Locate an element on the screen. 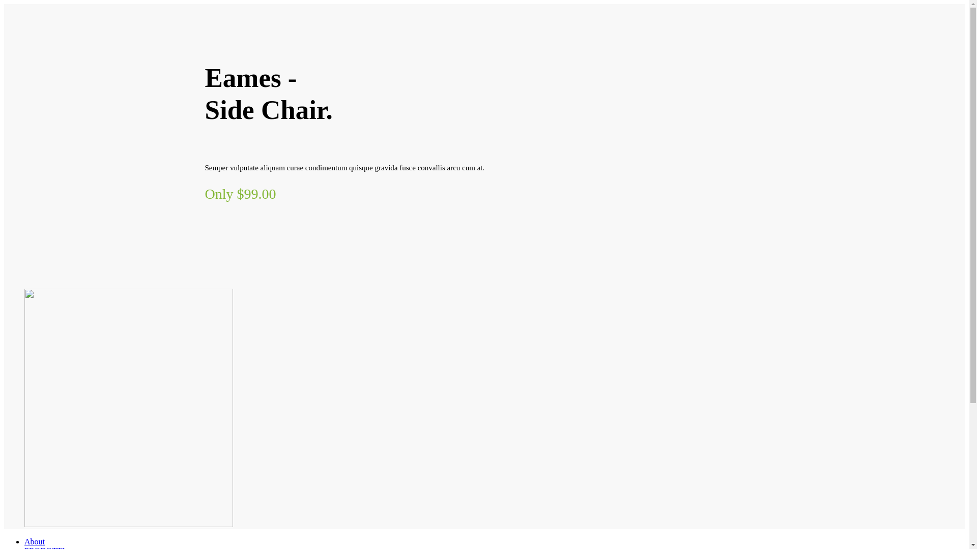 Image resolution: width=977 pixels, height=549 pixels. 'About' is located at coordinates (34, 541).